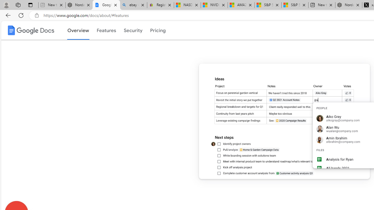  I want to click on 'ebay - Search', so click(133, 5).